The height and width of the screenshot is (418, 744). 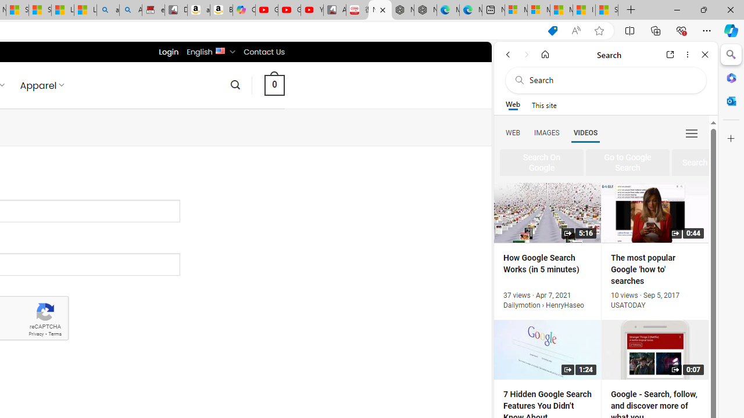 I want to click on 'YouTube Kids - An App Created for Kids to Explore Content', so click(x=312, y=10).